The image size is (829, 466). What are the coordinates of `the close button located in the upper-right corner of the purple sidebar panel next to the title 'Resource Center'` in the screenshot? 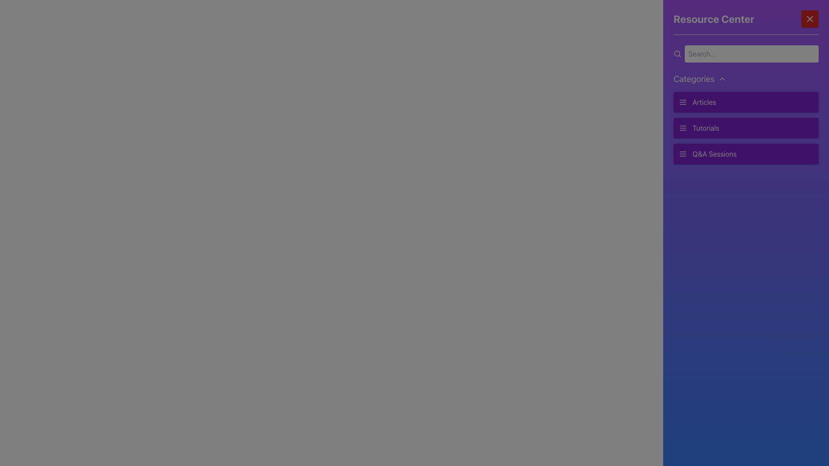 It's located at (810, 19).